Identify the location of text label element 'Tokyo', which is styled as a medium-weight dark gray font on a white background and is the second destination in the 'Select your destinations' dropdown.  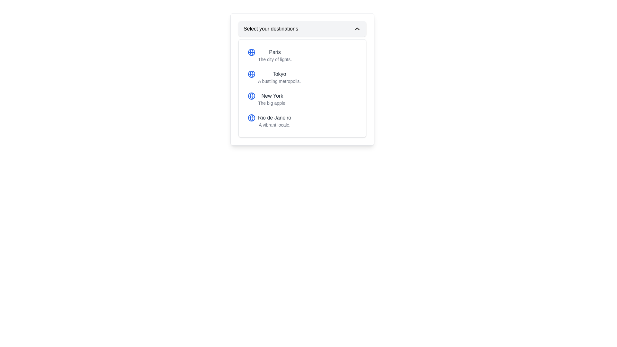
(279, 74).